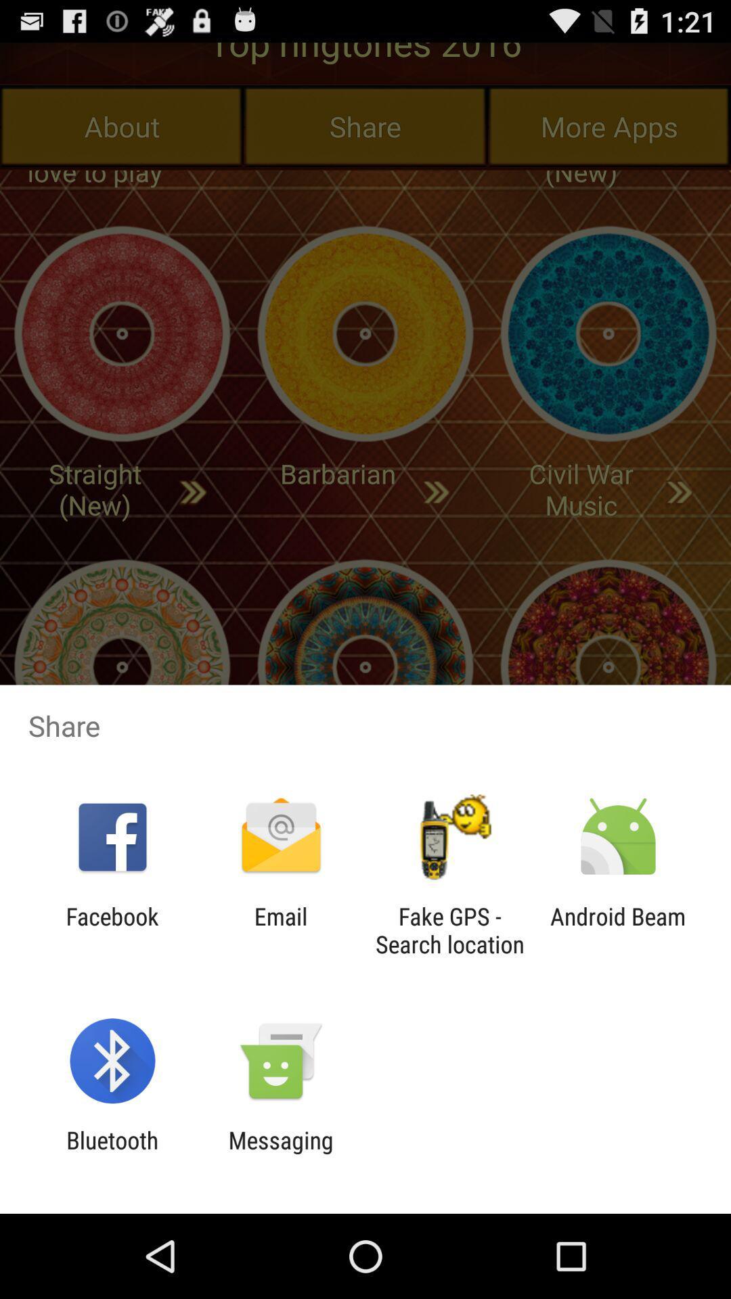 Image resolution: width=731 pixels, height=1299 pixels. Describe the element at coordinates (618, 930) in the screenshot. I see `item next to fake gps search` at that location.